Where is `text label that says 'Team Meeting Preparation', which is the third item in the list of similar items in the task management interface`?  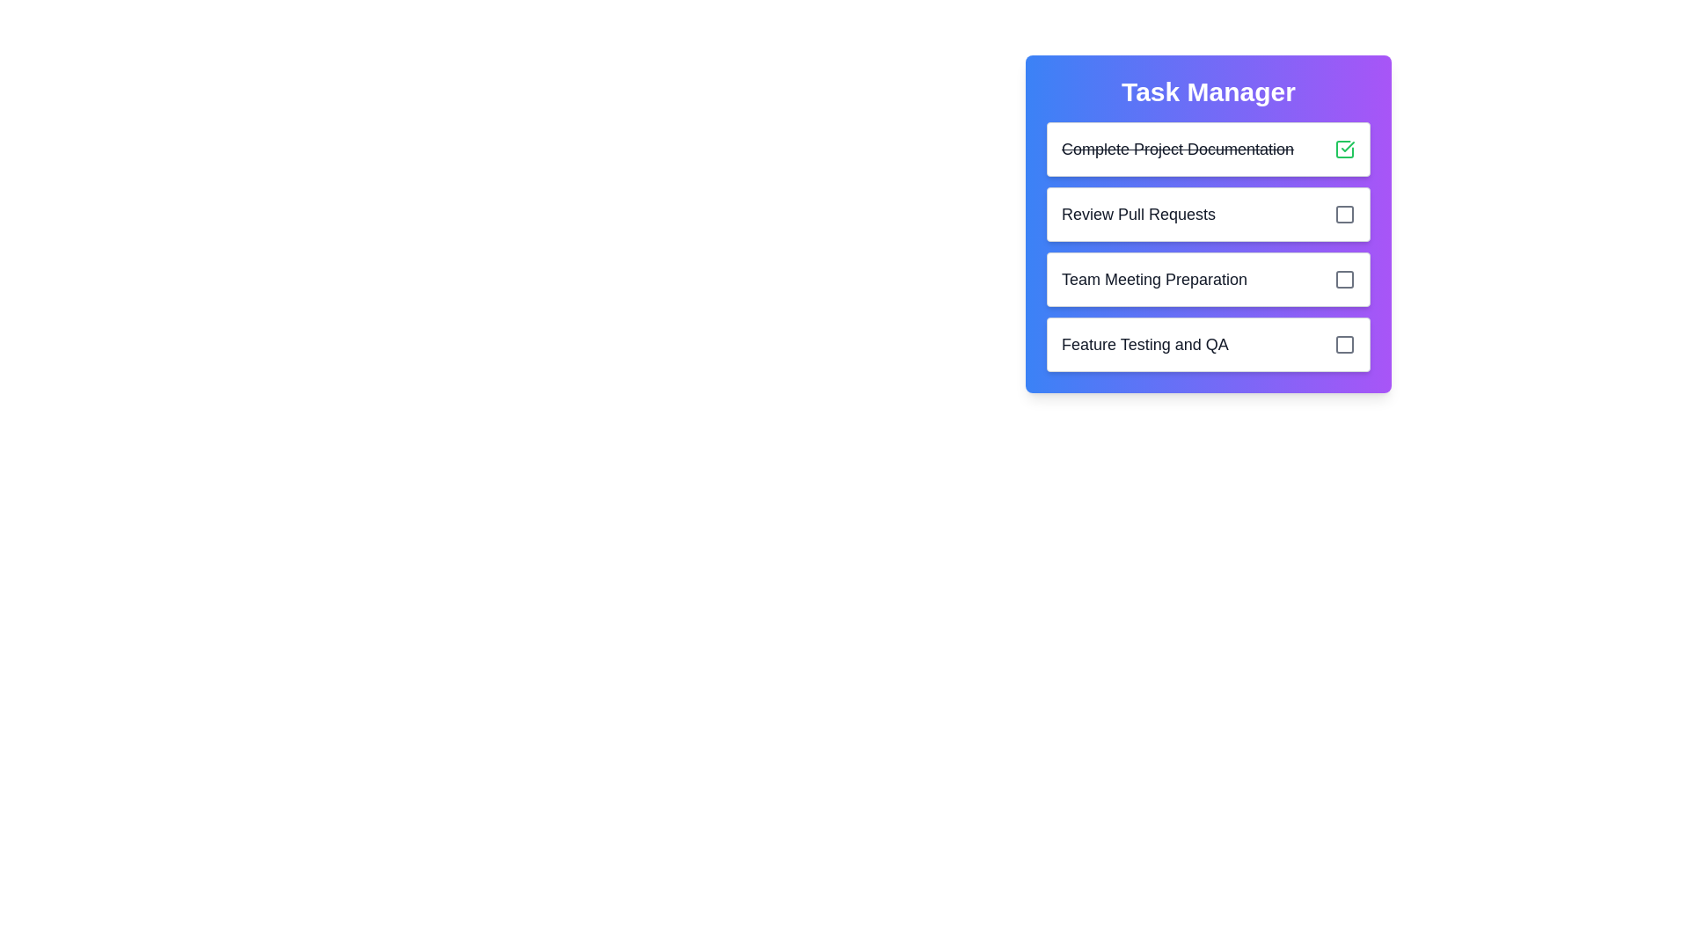 text label that says 'Team Meeting Preparation', which is the third item in the list of similar items in the task management interface is located at coordinates (1154, 278).